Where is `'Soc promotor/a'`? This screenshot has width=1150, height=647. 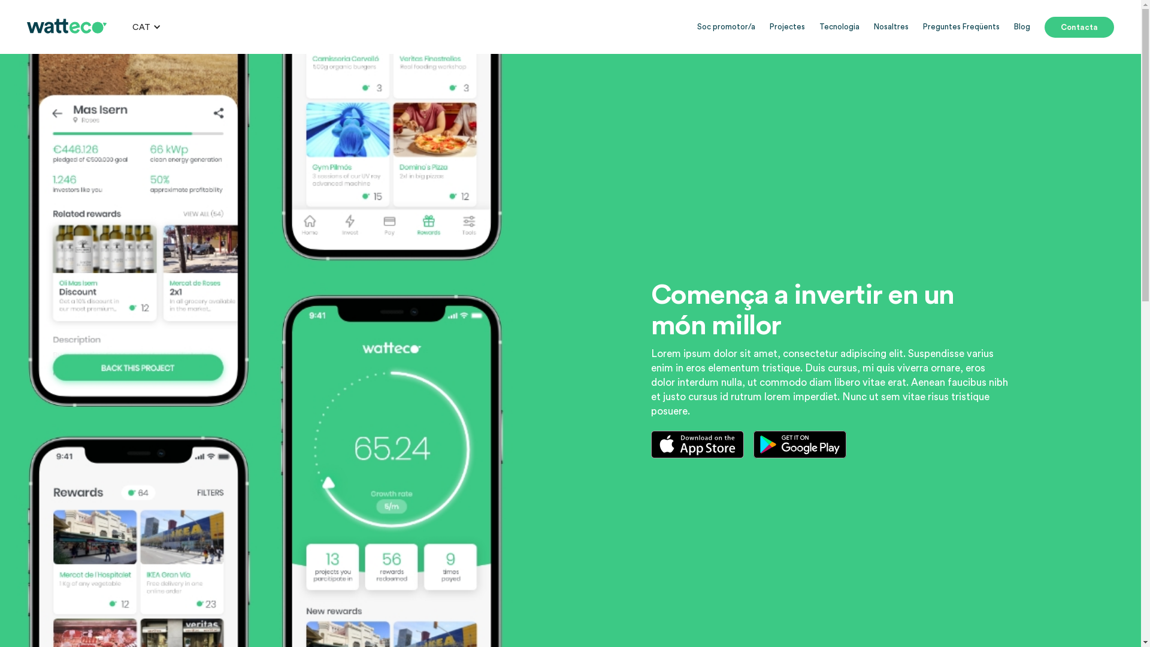
'Soc promotor/a' is located at coordinates (725, 27).